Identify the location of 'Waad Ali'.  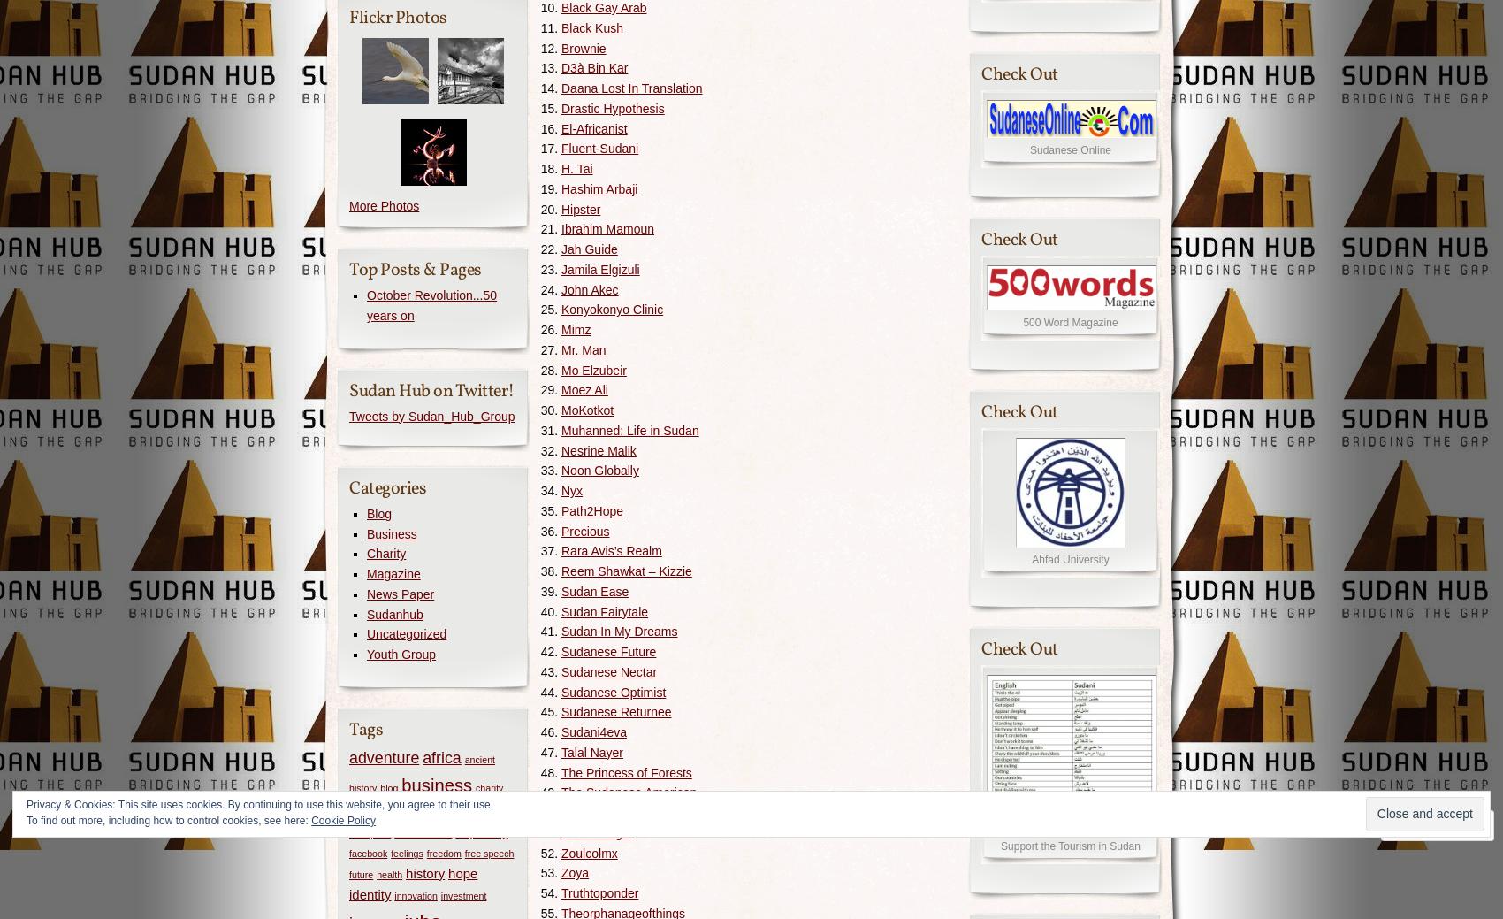
(584, 812).